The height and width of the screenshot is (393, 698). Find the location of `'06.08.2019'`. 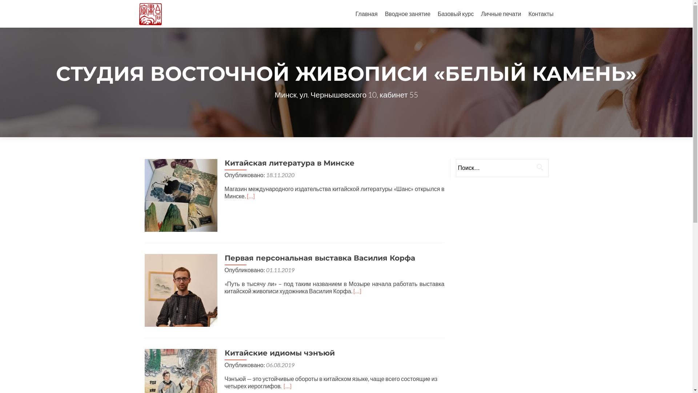

'06.08.2019' is located at coordinates (280, 364).